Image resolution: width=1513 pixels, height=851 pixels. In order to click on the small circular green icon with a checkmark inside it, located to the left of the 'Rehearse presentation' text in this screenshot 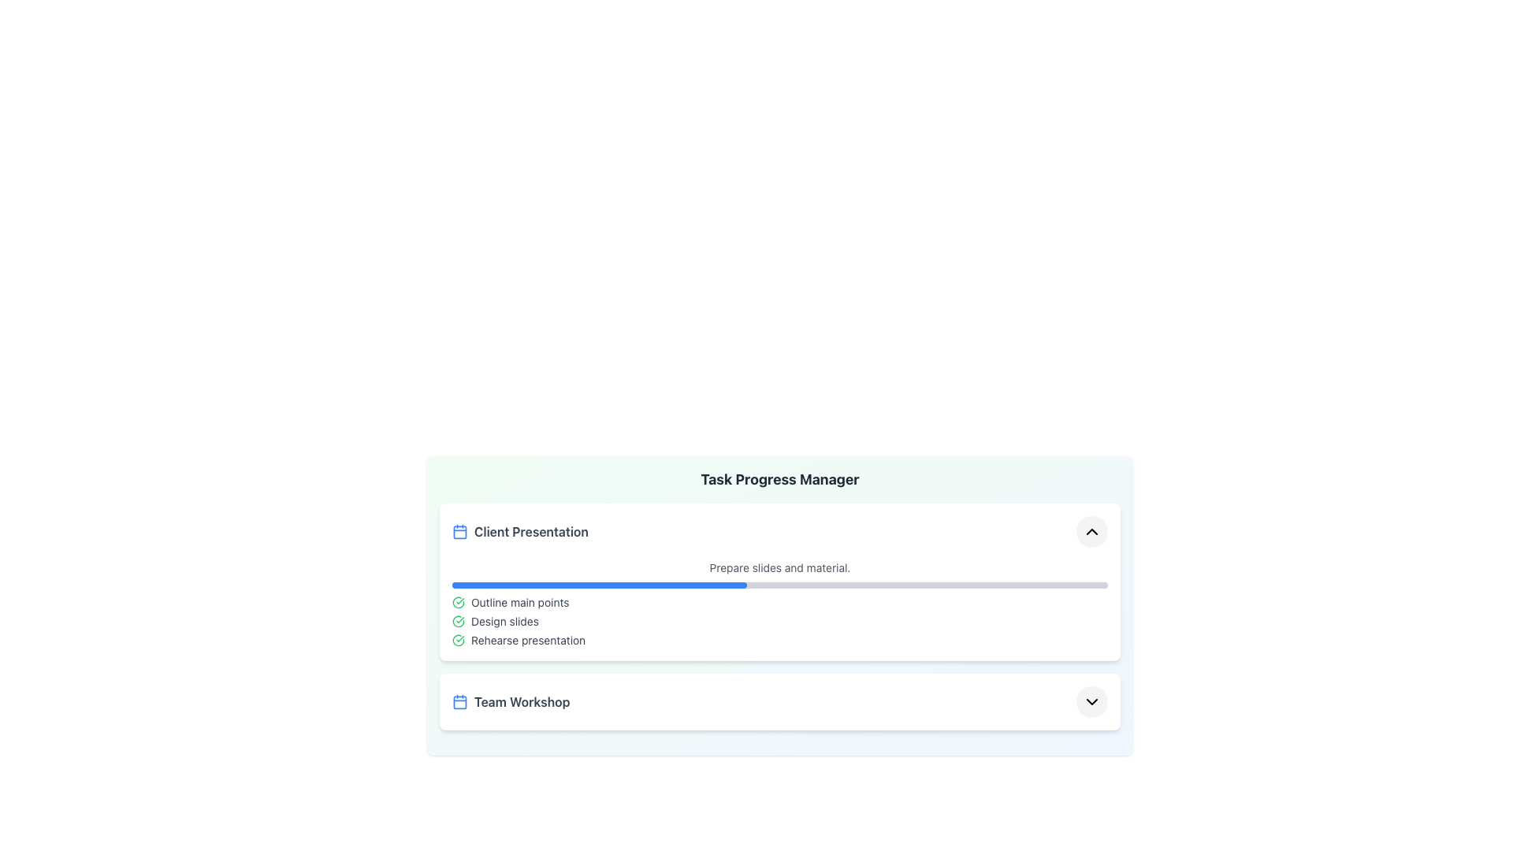, I will do `click(457, 641)`.